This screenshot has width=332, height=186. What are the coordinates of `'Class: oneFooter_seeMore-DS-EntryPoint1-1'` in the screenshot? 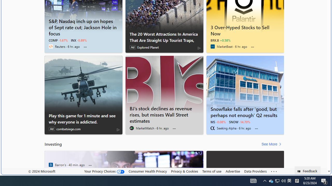 It's located at (274, 171).